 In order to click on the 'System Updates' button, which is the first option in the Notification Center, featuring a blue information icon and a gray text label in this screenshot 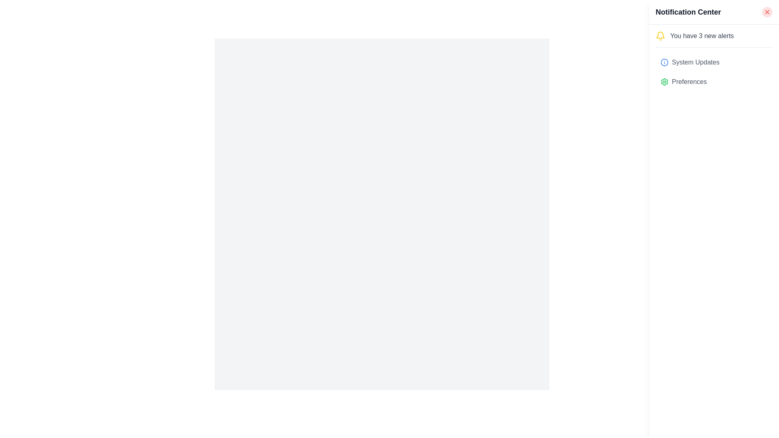, I will do `click(714, 62)`.